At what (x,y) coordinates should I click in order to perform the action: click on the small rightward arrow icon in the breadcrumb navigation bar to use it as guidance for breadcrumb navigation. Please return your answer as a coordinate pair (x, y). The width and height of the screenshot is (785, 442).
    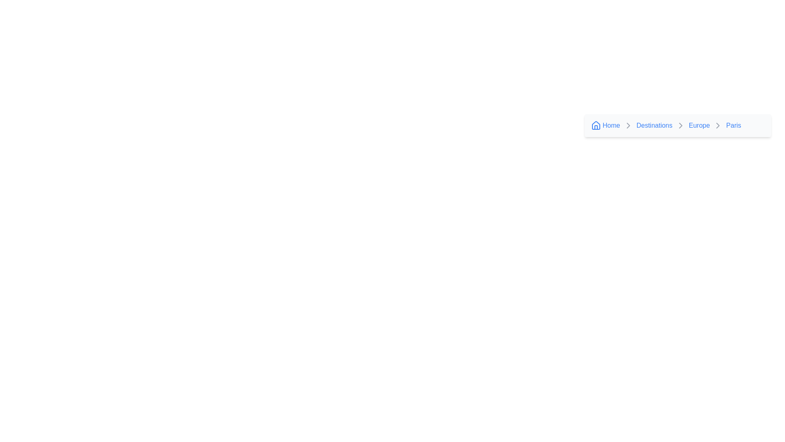
    Looking at the image, I should click on (628, 126).